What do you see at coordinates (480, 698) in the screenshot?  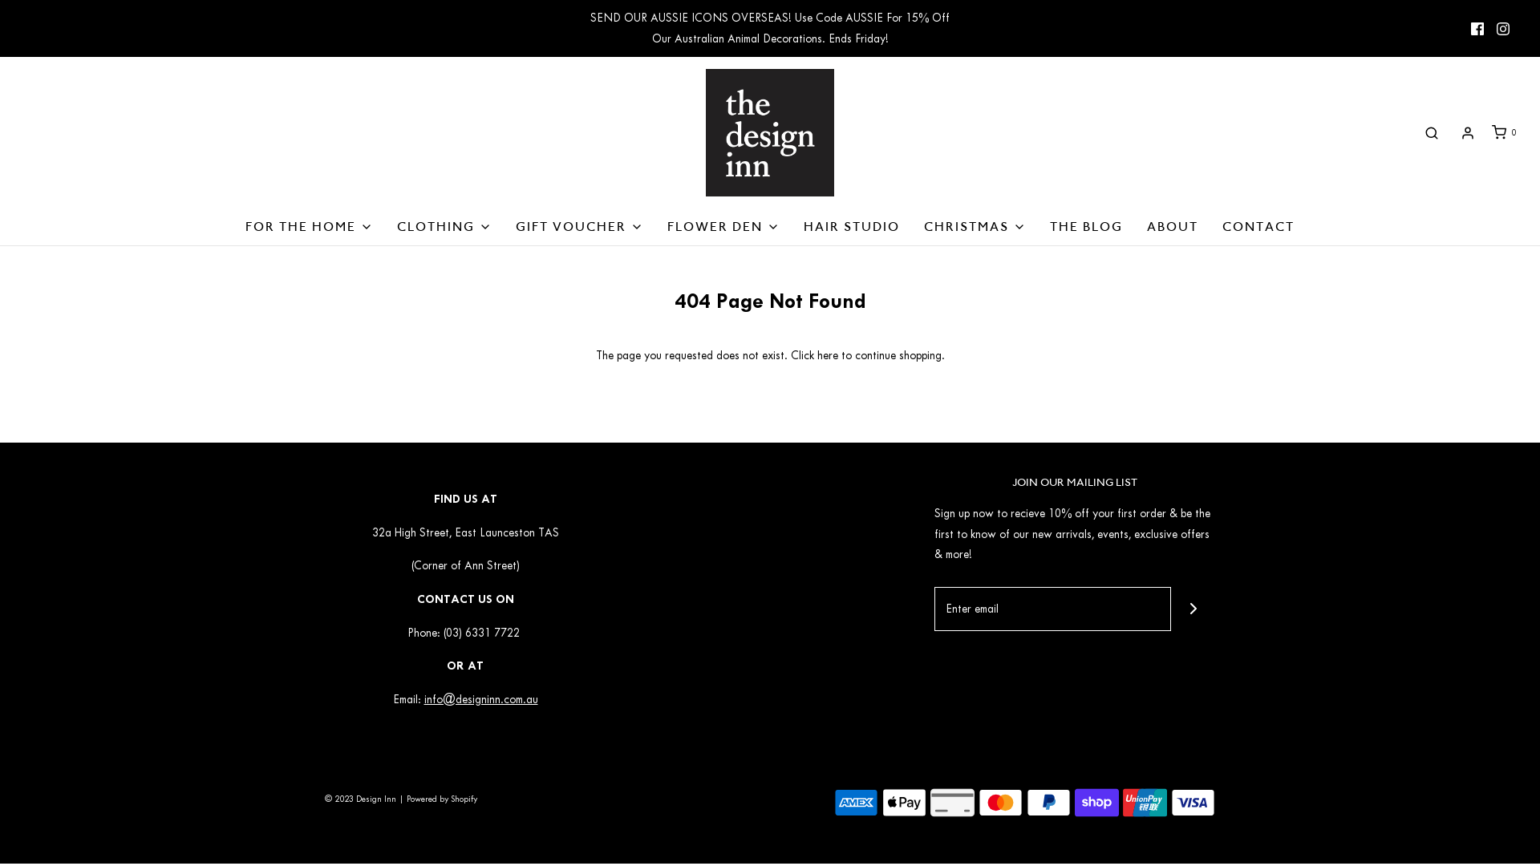 I see `'info@designinn.com.au'` at bounding box center [480, 698].